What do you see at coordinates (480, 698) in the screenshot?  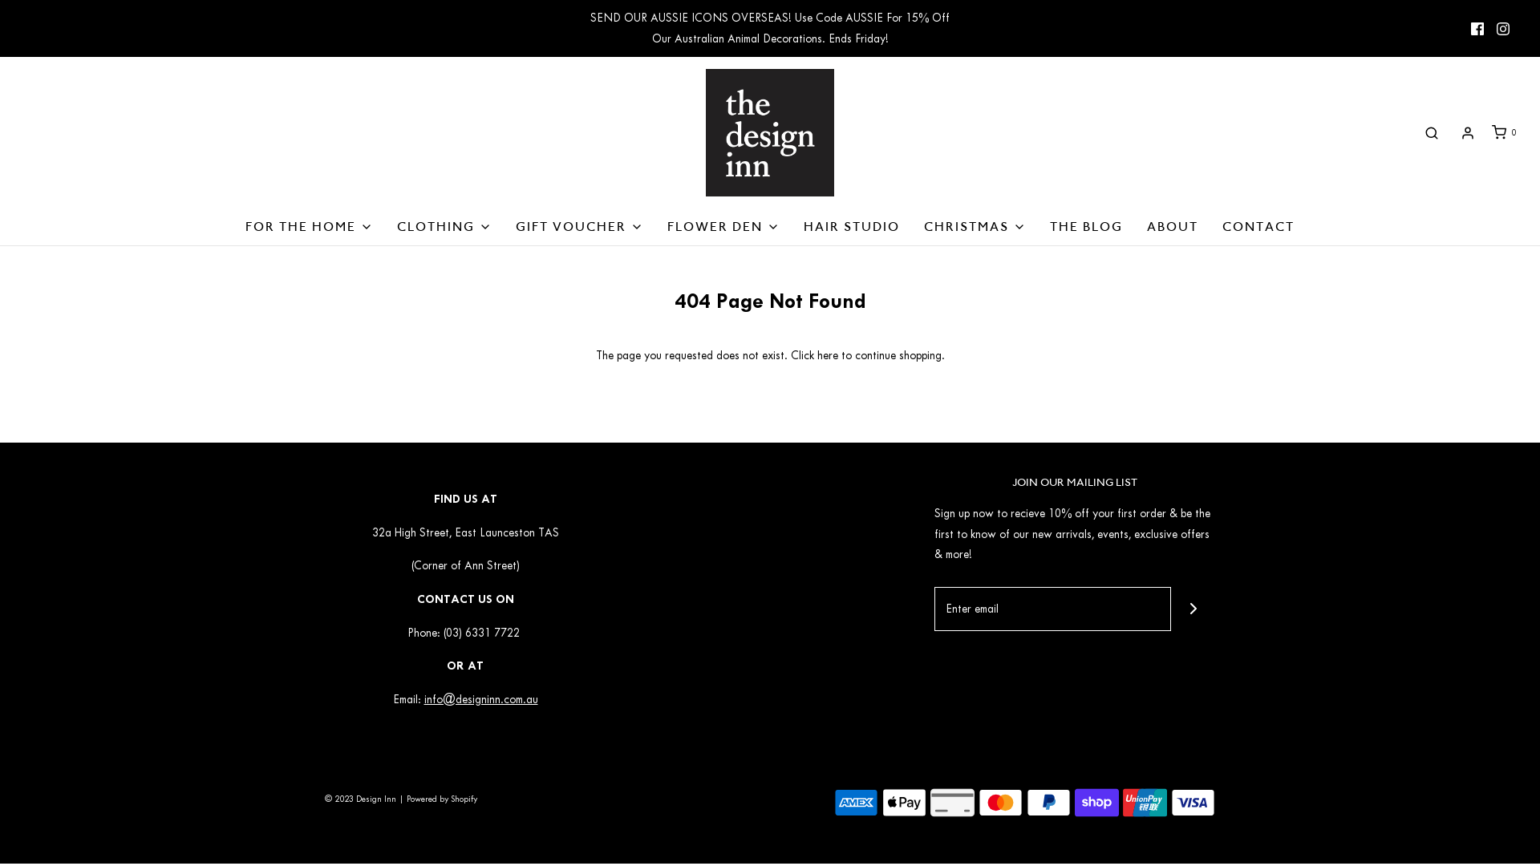 I see `'info@designinn.com.au'` at bounding box center [480, 698].